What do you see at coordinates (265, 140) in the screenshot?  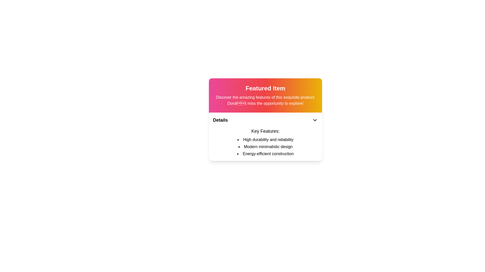 I see `the bullet point containing the text 'High durability and reliability' in the 'Key Features' section of the 'Details' dropdown` at bounding box center [265, 140].